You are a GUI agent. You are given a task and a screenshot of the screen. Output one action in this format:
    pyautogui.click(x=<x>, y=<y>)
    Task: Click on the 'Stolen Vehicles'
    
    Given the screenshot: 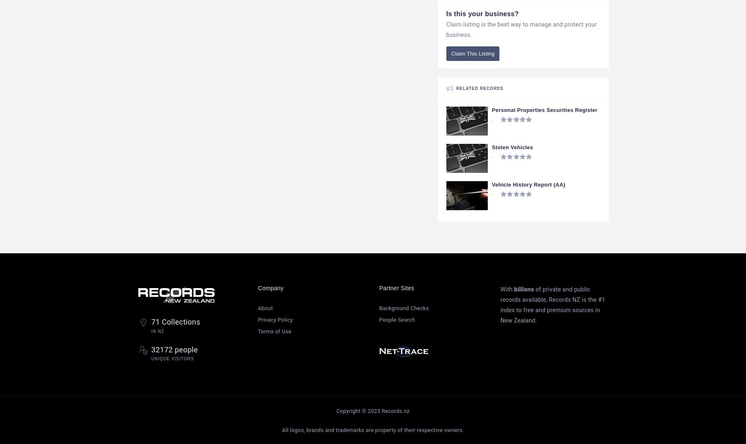 What is the action you would take?
    pyautogui.click(x=512, y=147)
    